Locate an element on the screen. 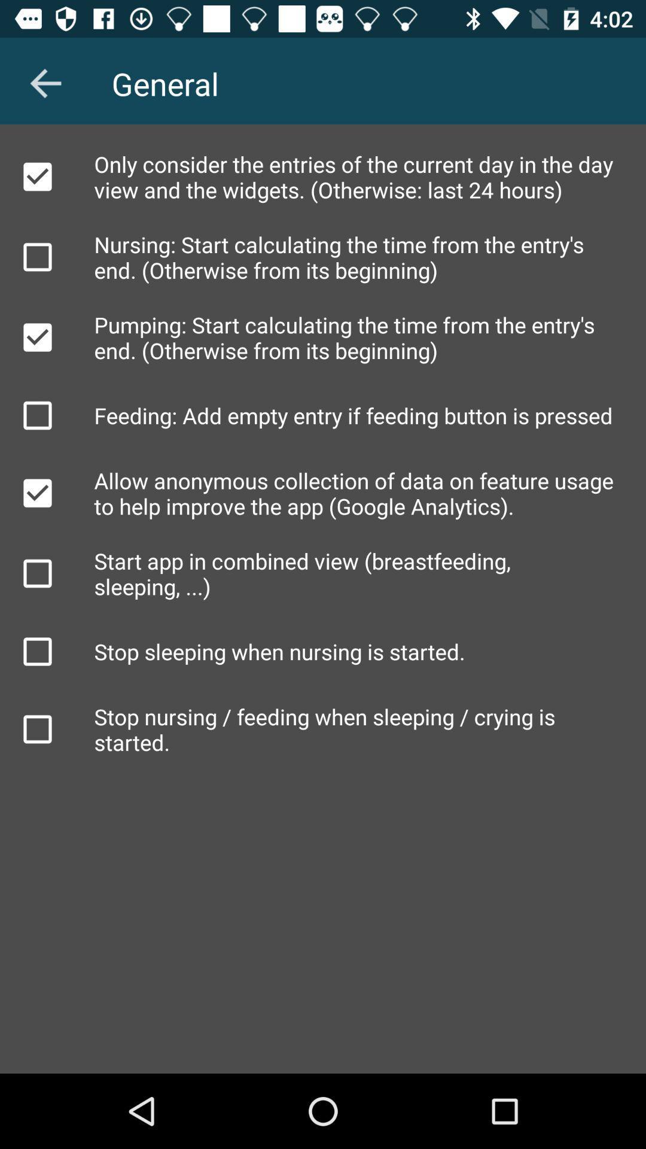  the icon above only consider the item is located at coordinates (45, 83).